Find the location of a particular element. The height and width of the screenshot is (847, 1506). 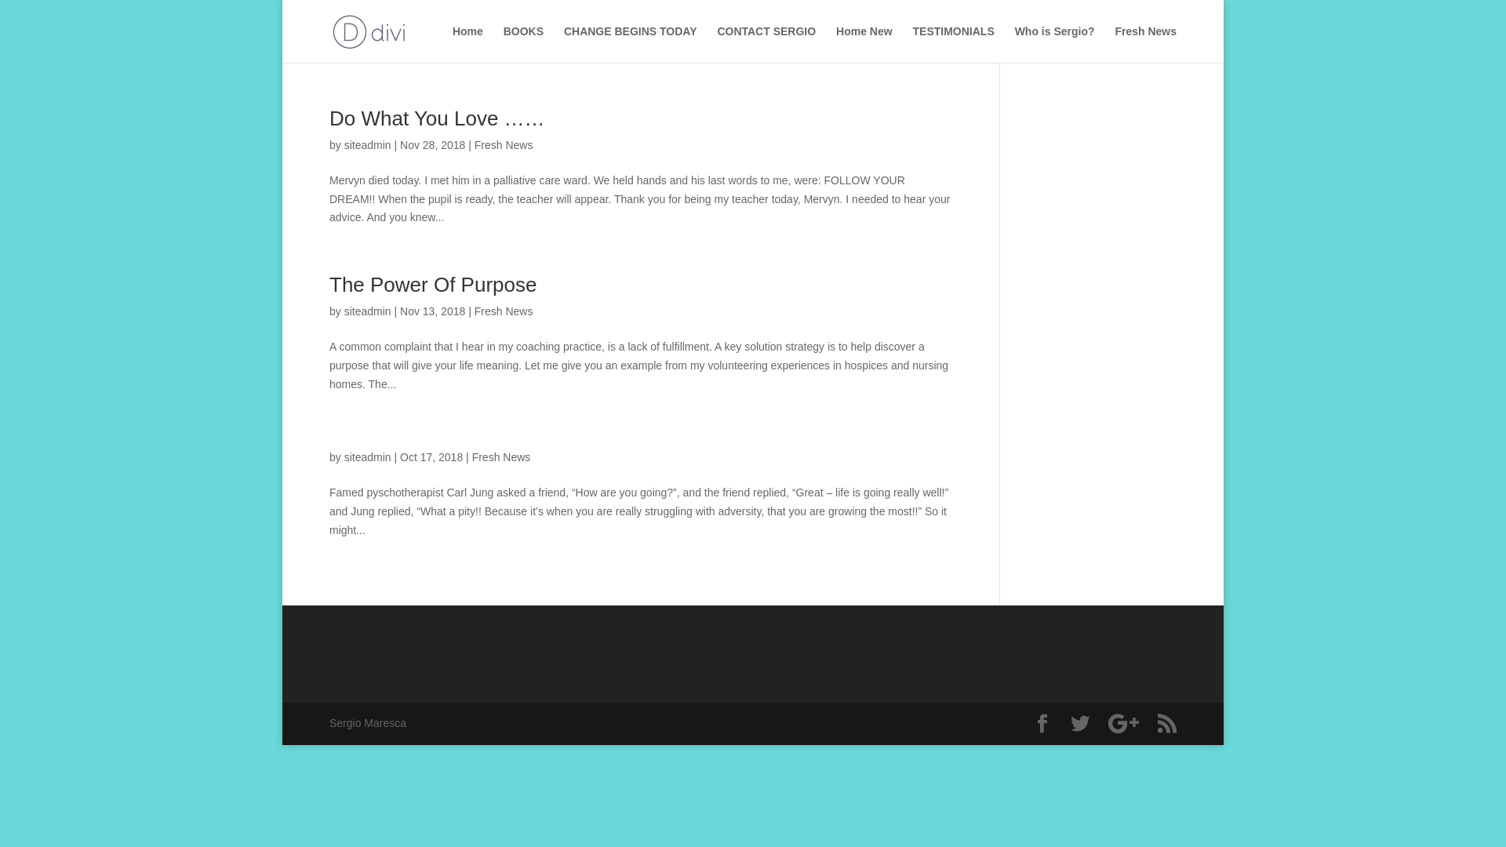

'Fresh News' is located at coordinates (504, 145).